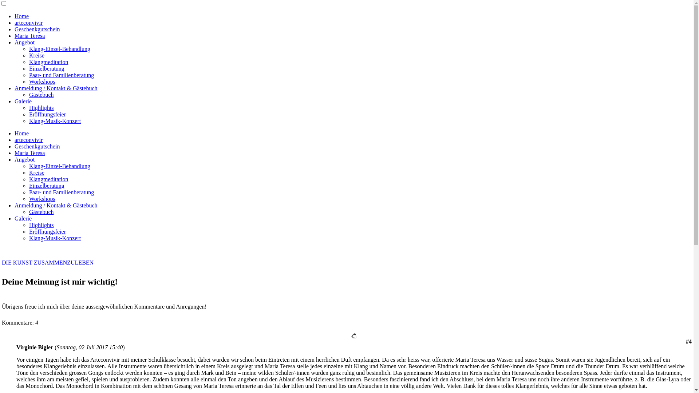 The image size is (699, 393). I want to click on 'Kreise', so click(29, 172).